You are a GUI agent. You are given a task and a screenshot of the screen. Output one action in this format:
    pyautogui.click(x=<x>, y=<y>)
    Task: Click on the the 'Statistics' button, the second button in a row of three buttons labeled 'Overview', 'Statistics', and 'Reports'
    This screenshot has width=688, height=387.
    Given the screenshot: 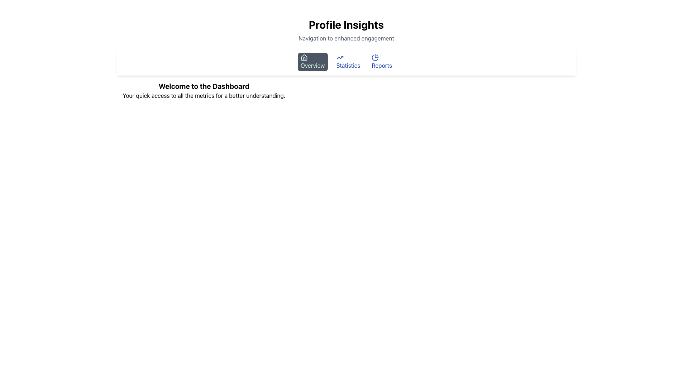 What is the action you would take?
    pyautogui.click(x=348, y=62)
    